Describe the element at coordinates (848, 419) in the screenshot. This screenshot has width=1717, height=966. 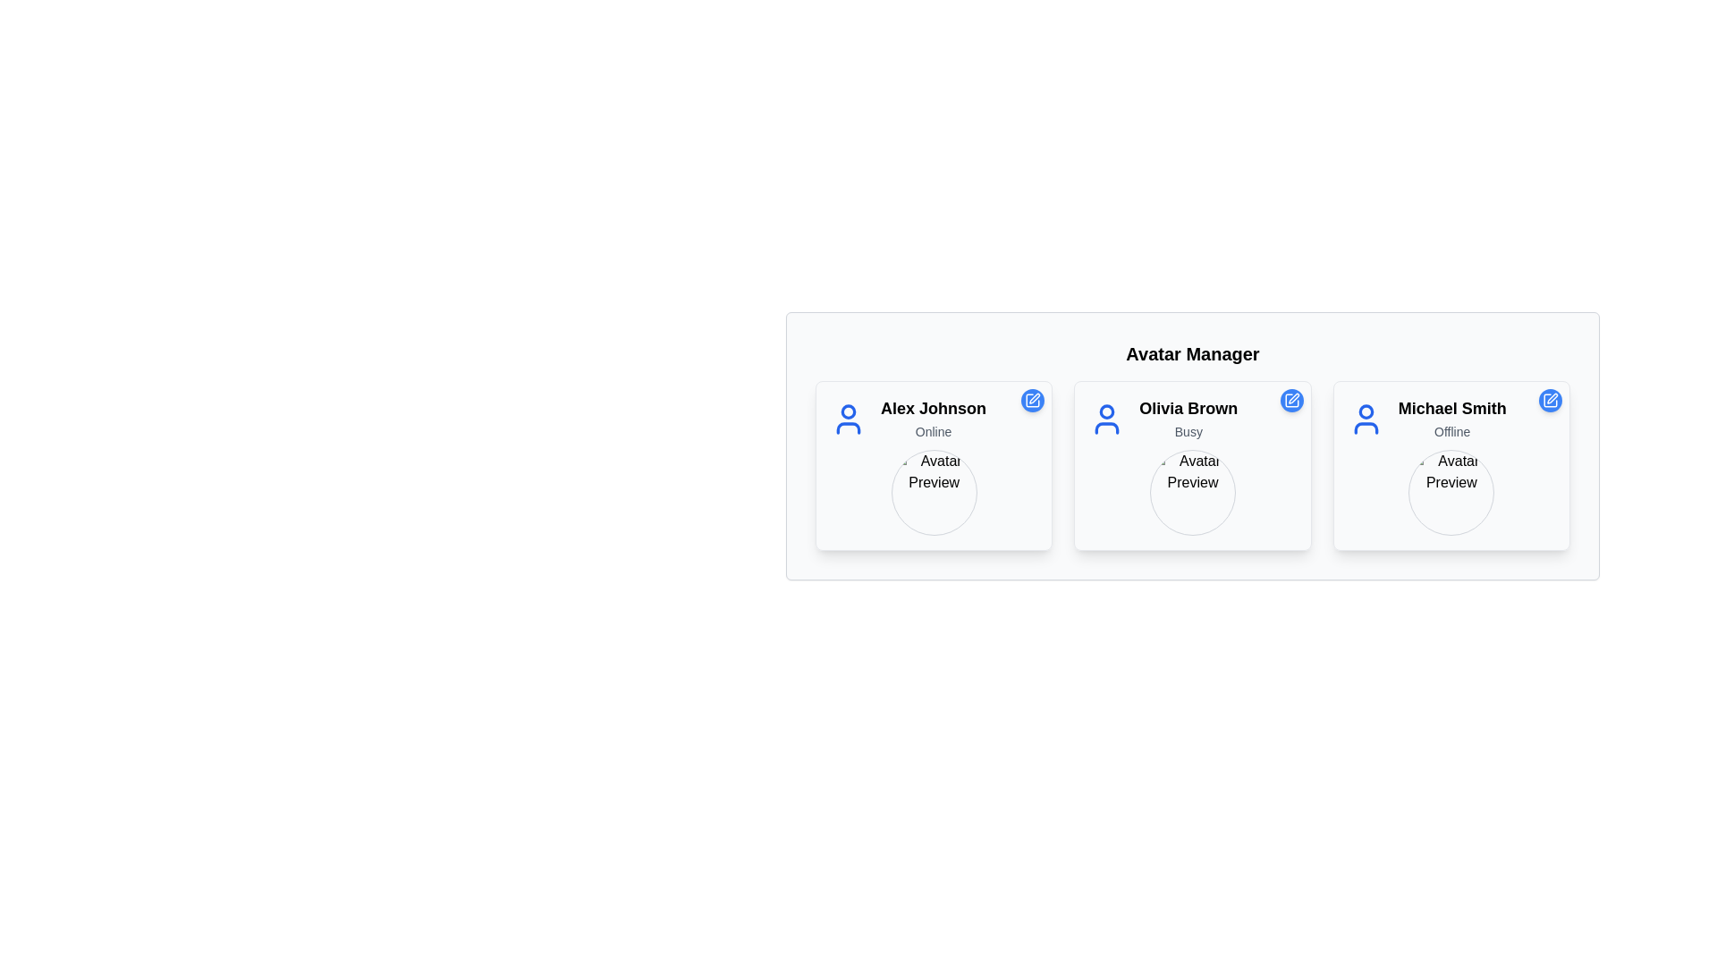
I see `the user profile icon representing 'Alex Johnson', located in the top-left section of the panel, above their name and status text` at that location.